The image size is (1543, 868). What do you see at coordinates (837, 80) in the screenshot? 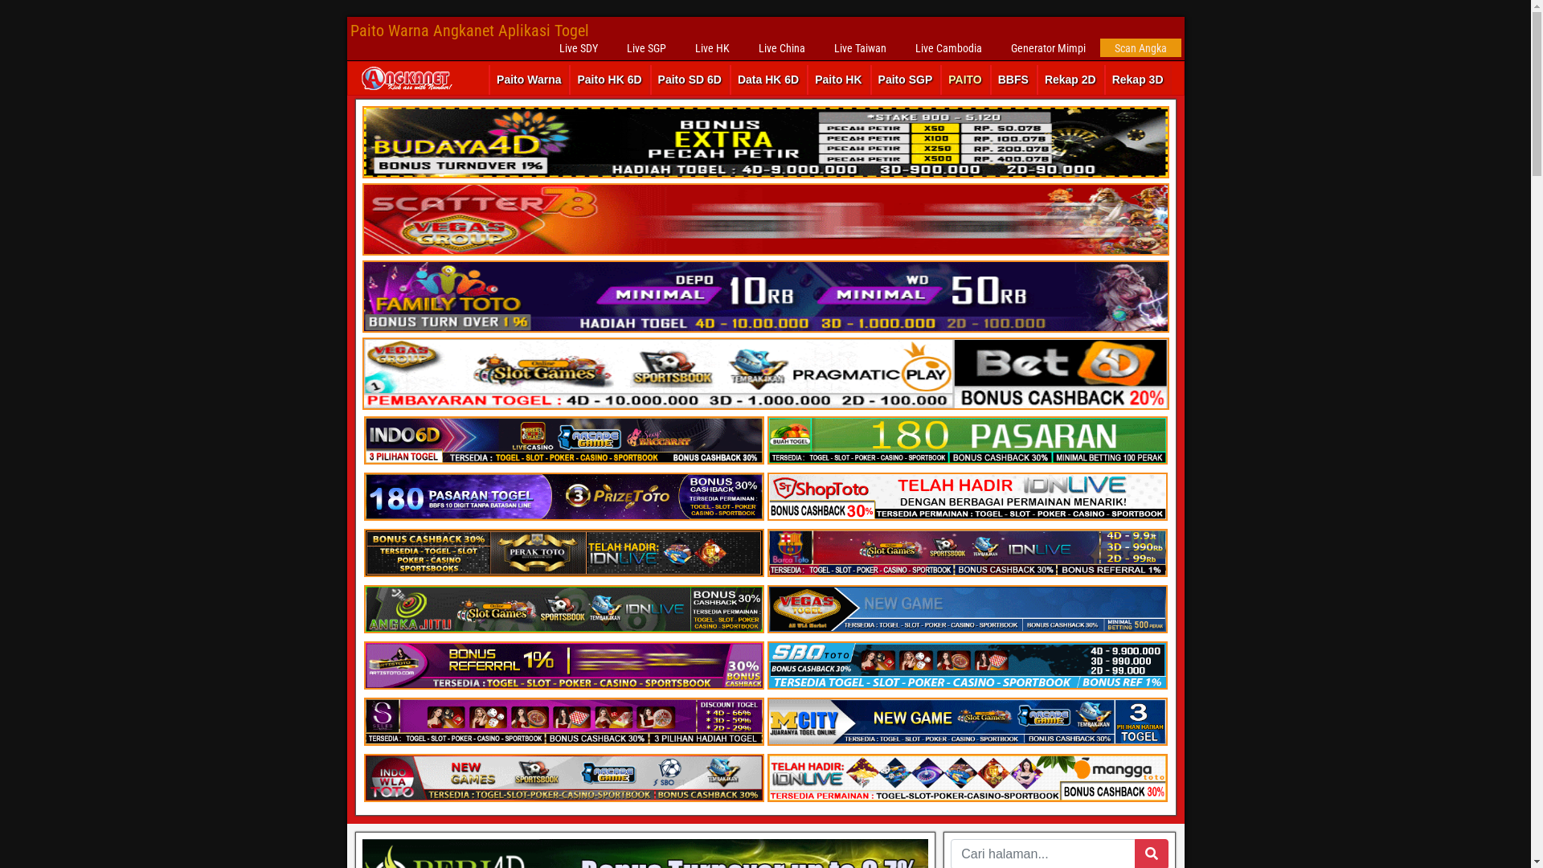
I see `'Paito HK'` at bounding box center [837, 80].